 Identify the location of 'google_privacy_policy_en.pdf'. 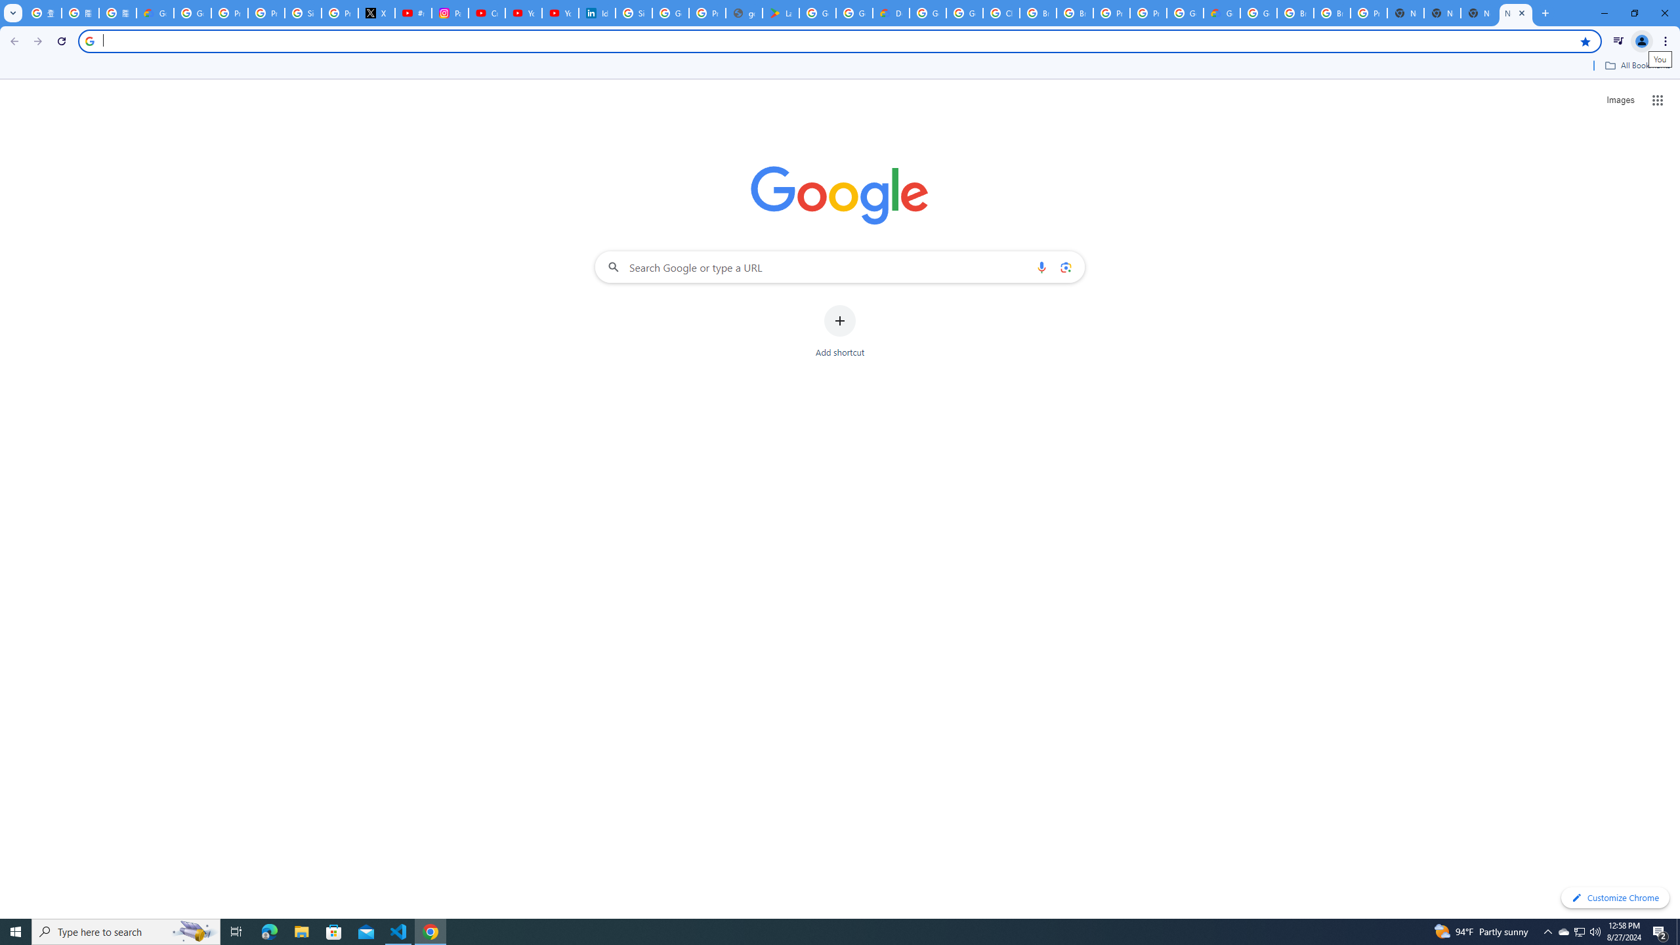
(744, 12).